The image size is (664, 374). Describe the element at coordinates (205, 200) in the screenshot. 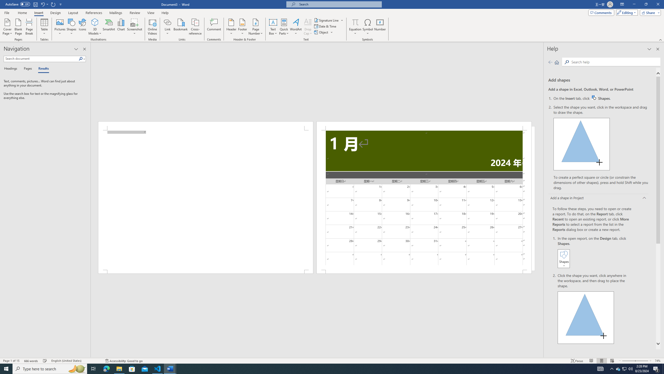

I see `'Page 1 content'` at that location.